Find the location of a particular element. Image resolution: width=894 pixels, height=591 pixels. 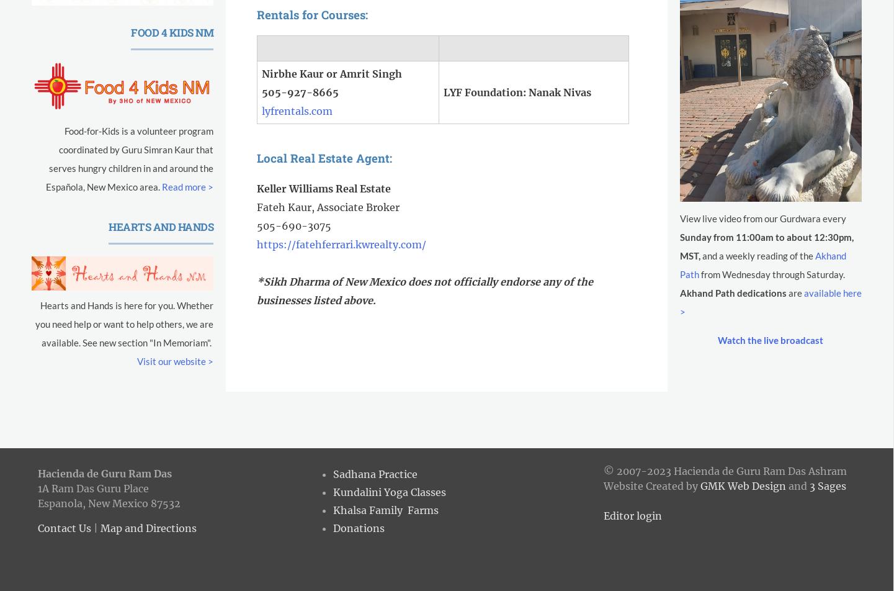

'Visit our website >' is located at coordinates (175, 361).